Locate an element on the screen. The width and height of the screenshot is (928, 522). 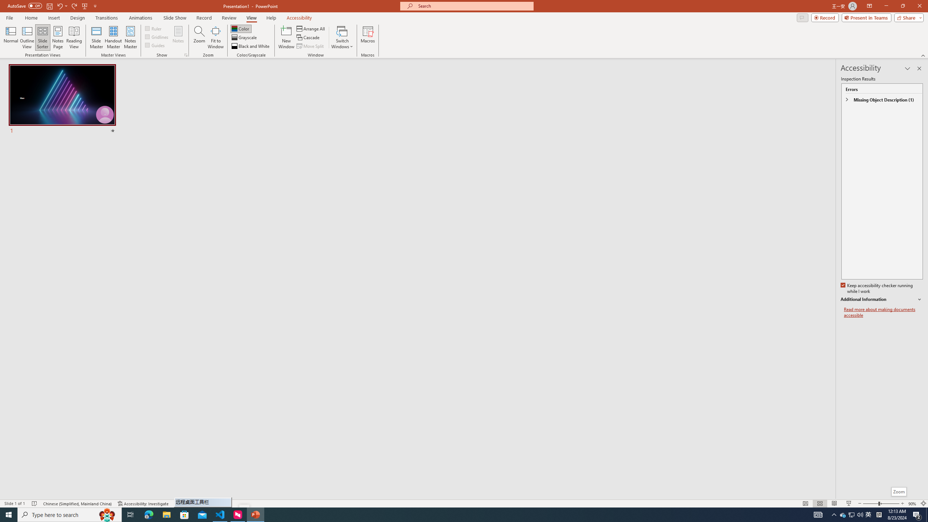
'New Window' is located at coordinates (286, 37).